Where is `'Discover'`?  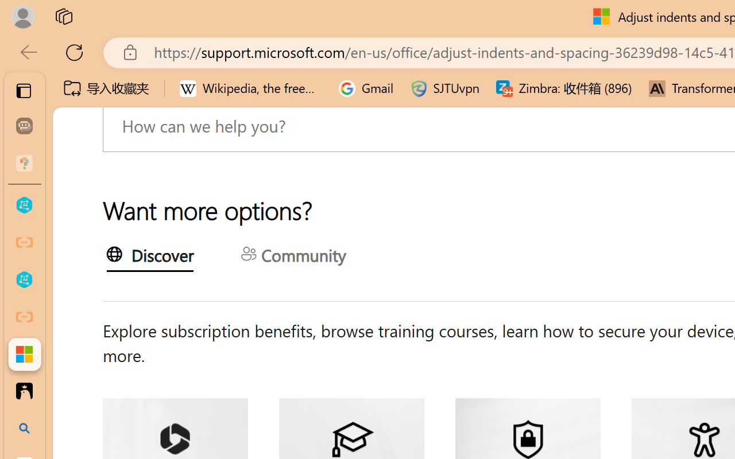
'Discover' is located at coordinates (149, 257).